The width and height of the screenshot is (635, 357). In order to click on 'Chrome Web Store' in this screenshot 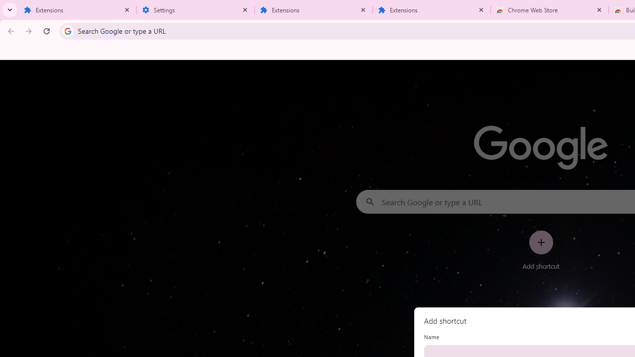, I will do `click(549, 10)`.